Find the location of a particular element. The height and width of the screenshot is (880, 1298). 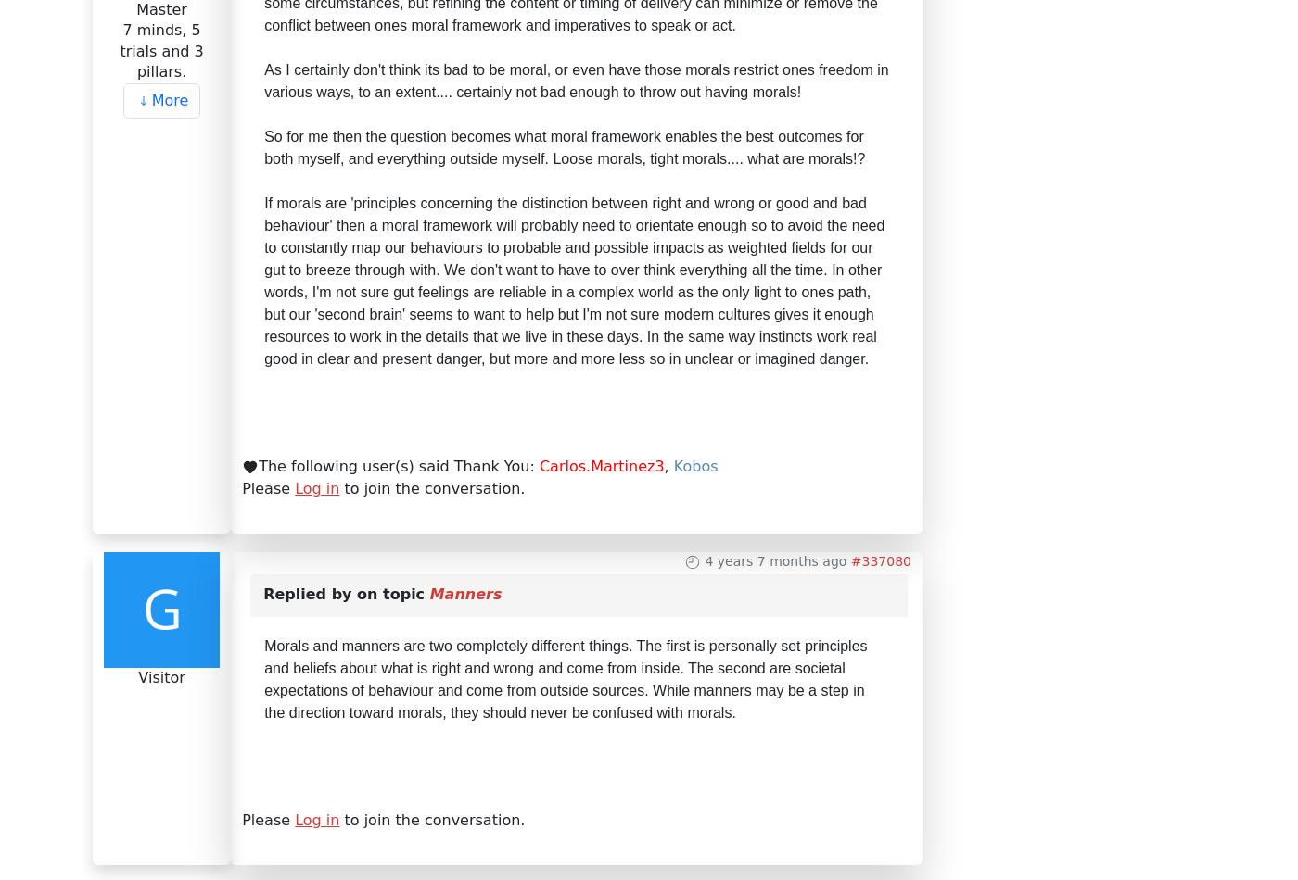

'Open Discussions' is located at coordinates (353, 379).